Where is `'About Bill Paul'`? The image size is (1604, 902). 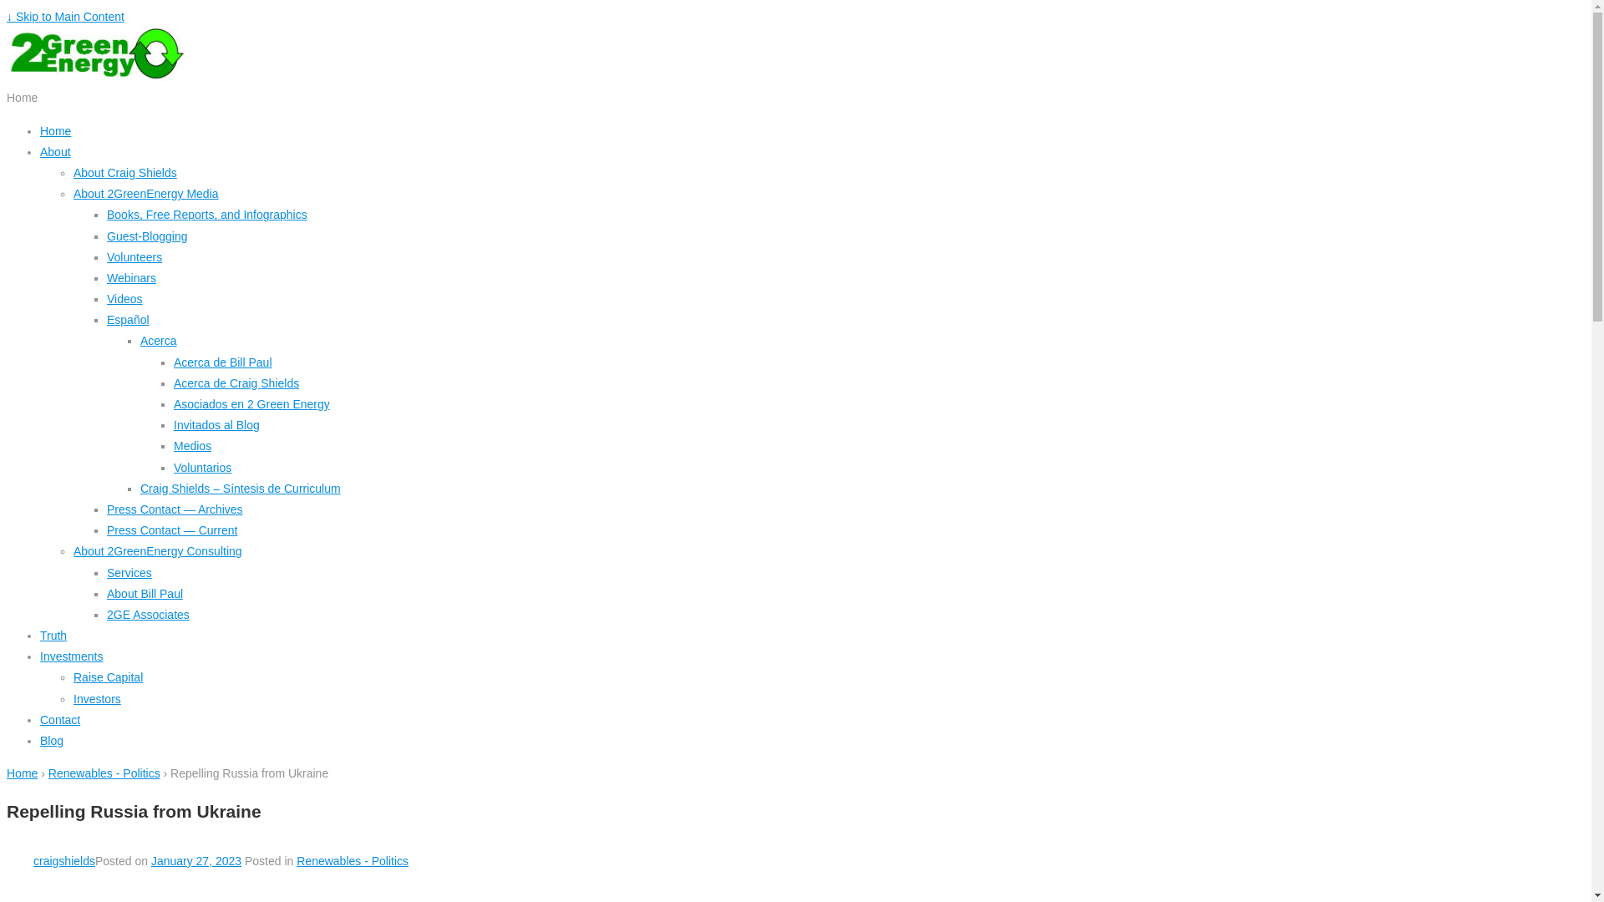 'About Bill Paul' is located at coordinates (145, 592).